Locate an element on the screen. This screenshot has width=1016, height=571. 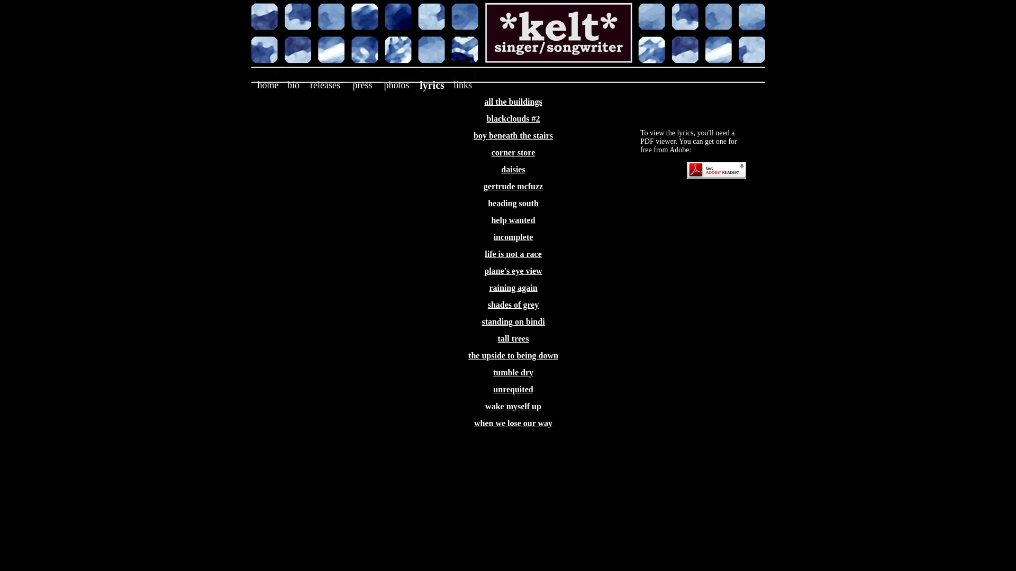
'all the buildings' is located at coordinates (513, 102).